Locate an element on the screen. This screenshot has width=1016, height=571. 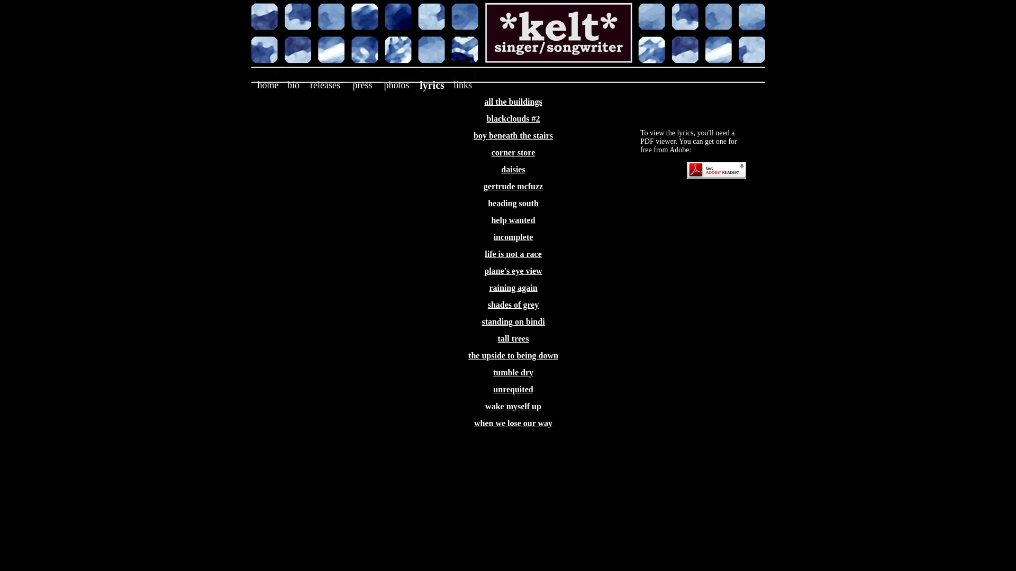
'all the buildings' is located at coordinates (513, 102).